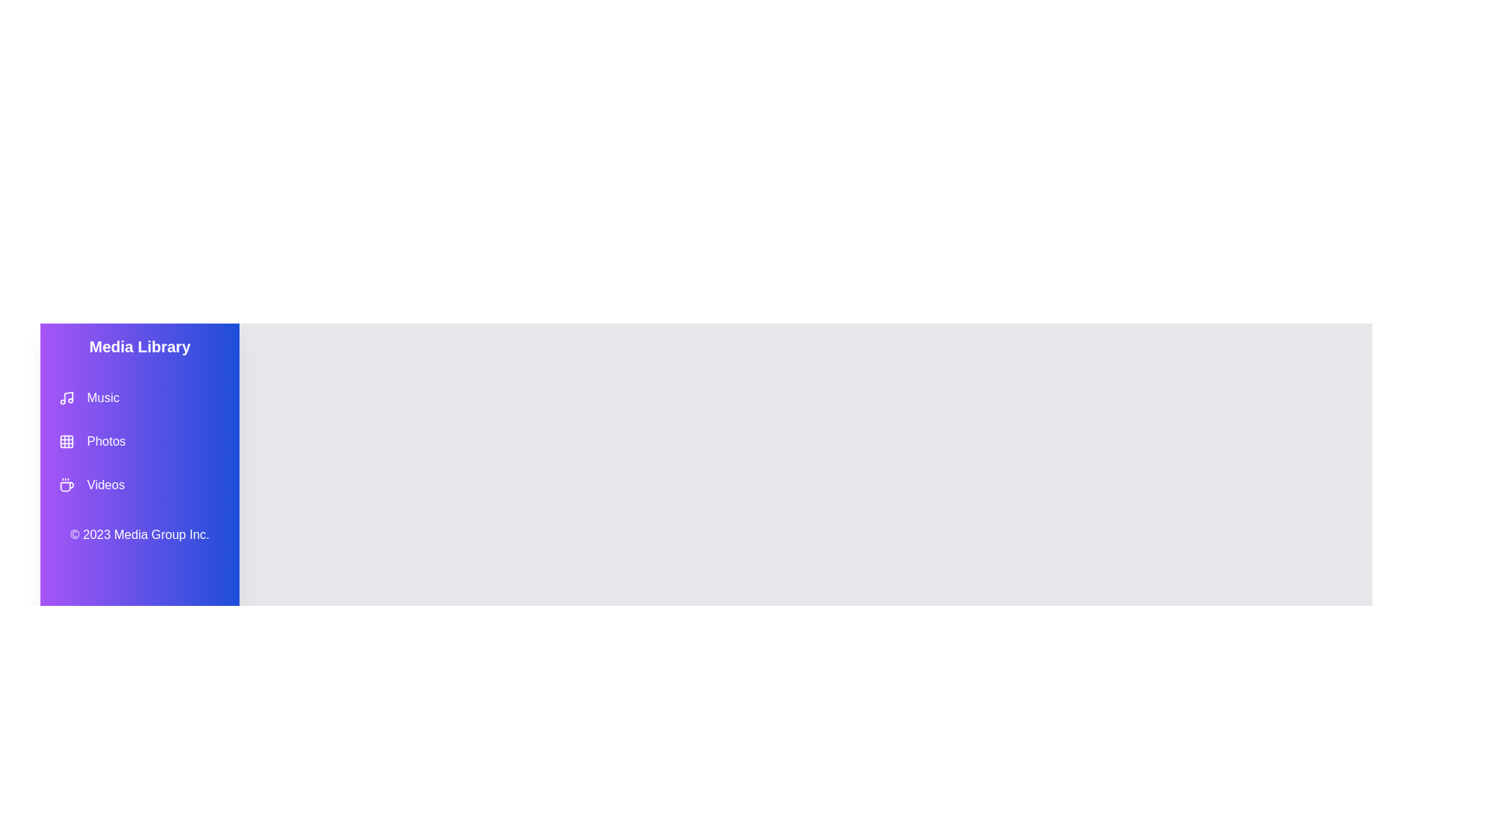  I want to click on the copyright information in the footer, so click(140, 534).